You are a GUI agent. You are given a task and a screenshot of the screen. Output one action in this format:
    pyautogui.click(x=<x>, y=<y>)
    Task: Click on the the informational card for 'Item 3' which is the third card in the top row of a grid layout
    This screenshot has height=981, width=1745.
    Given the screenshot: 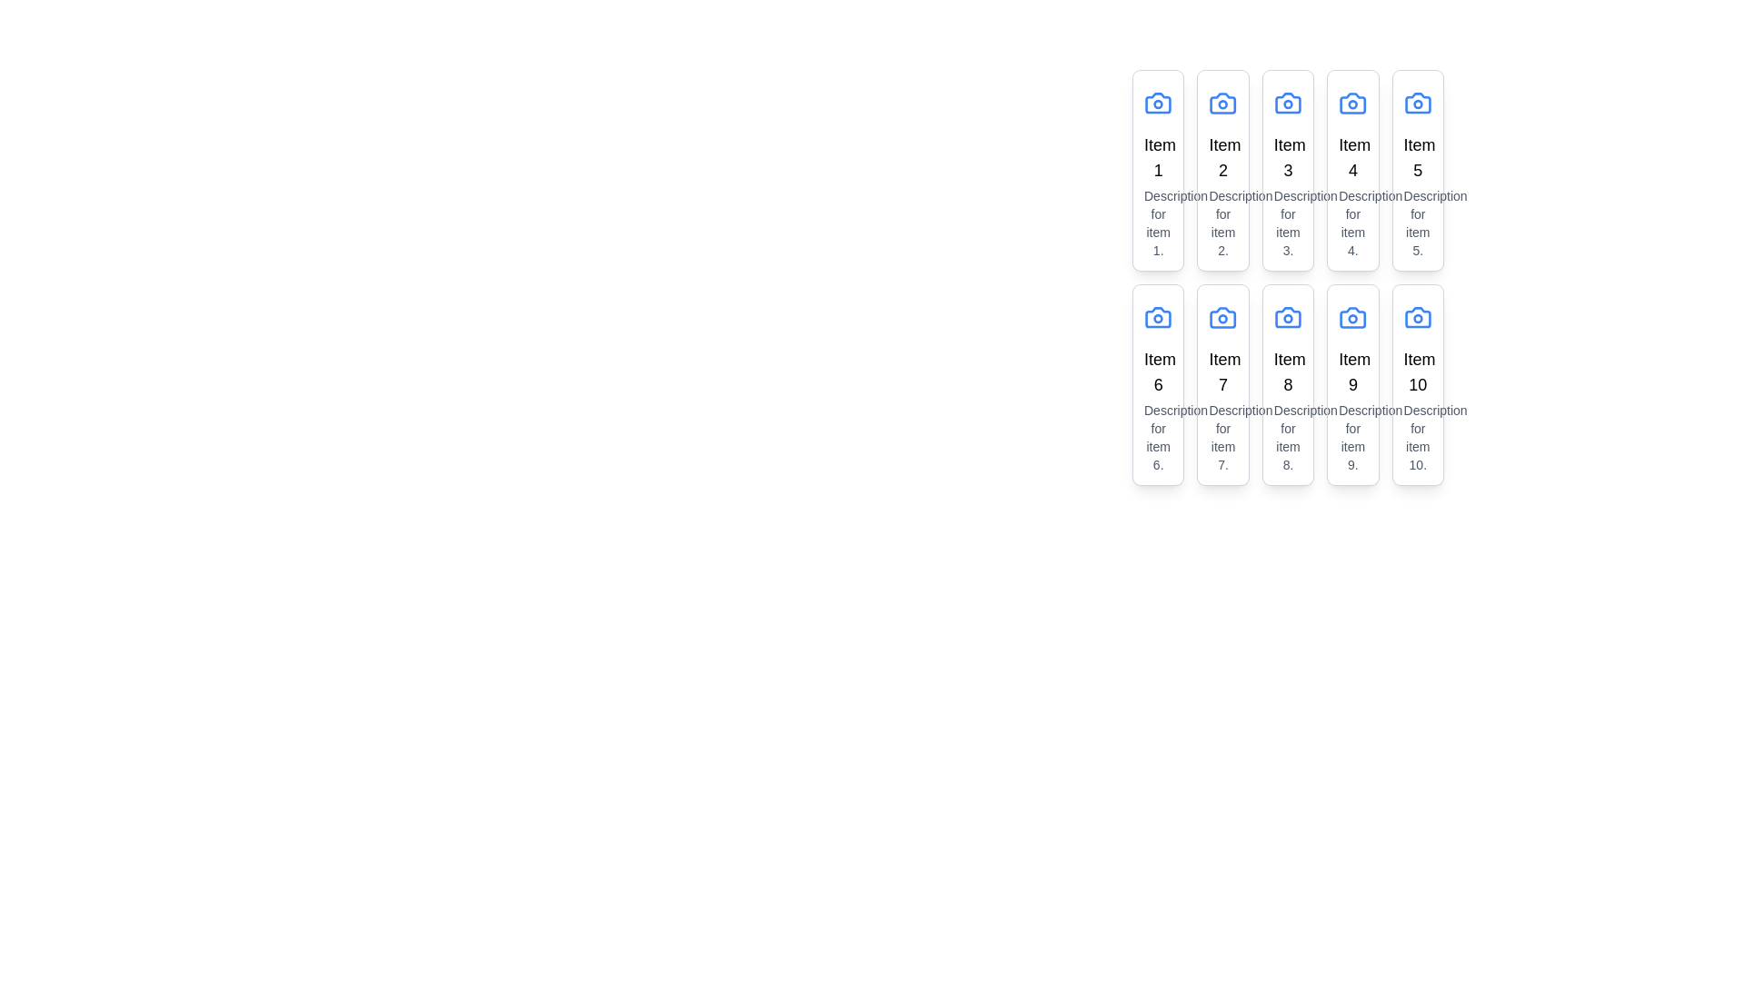 What is the action you would take?
    pyautogui.click(x=1287, y=171)
    